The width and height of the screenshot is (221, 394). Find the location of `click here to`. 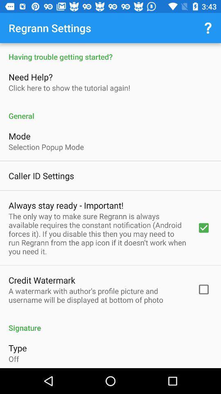

click here to is located at coordinates (69, 88).